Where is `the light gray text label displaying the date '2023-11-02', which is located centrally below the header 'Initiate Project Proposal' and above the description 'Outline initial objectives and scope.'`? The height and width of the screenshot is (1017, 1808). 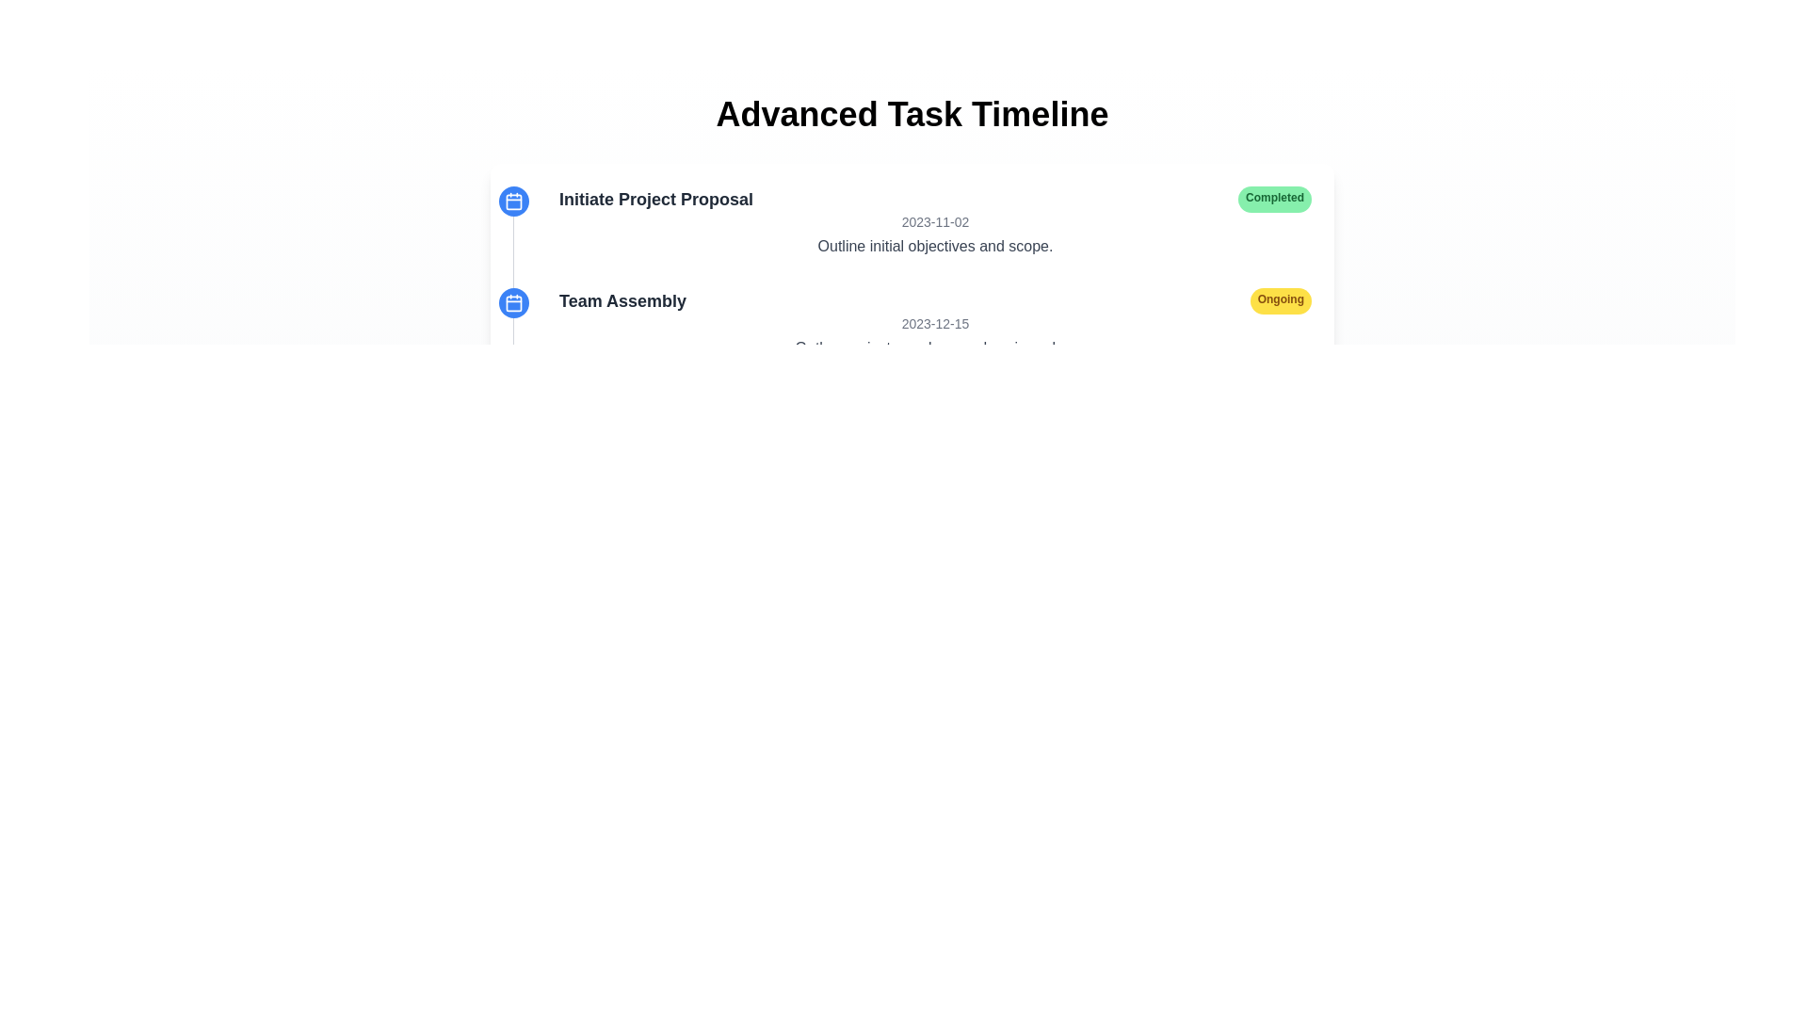 the light gray text label displaying the date '2023-11-02', which is located centrally below the header 'Initiate Project Proposal' and above the description 'Outline initial objectives and scope.' is located at coordinates (935, 220).